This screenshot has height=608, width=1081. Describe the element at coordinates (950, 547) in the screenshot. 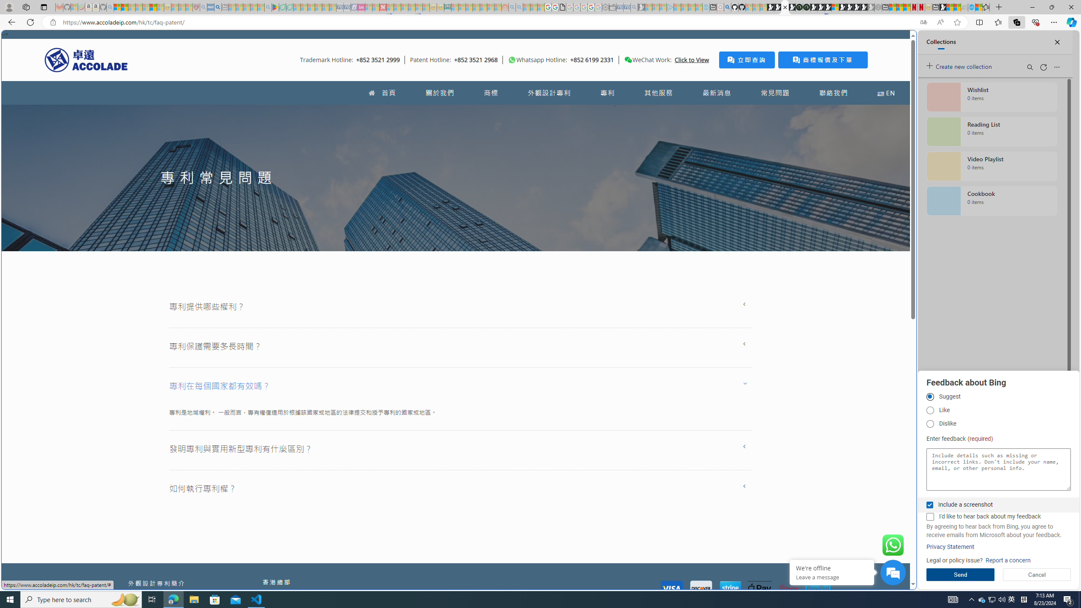

I see `'Privacy Statement'` at that location.